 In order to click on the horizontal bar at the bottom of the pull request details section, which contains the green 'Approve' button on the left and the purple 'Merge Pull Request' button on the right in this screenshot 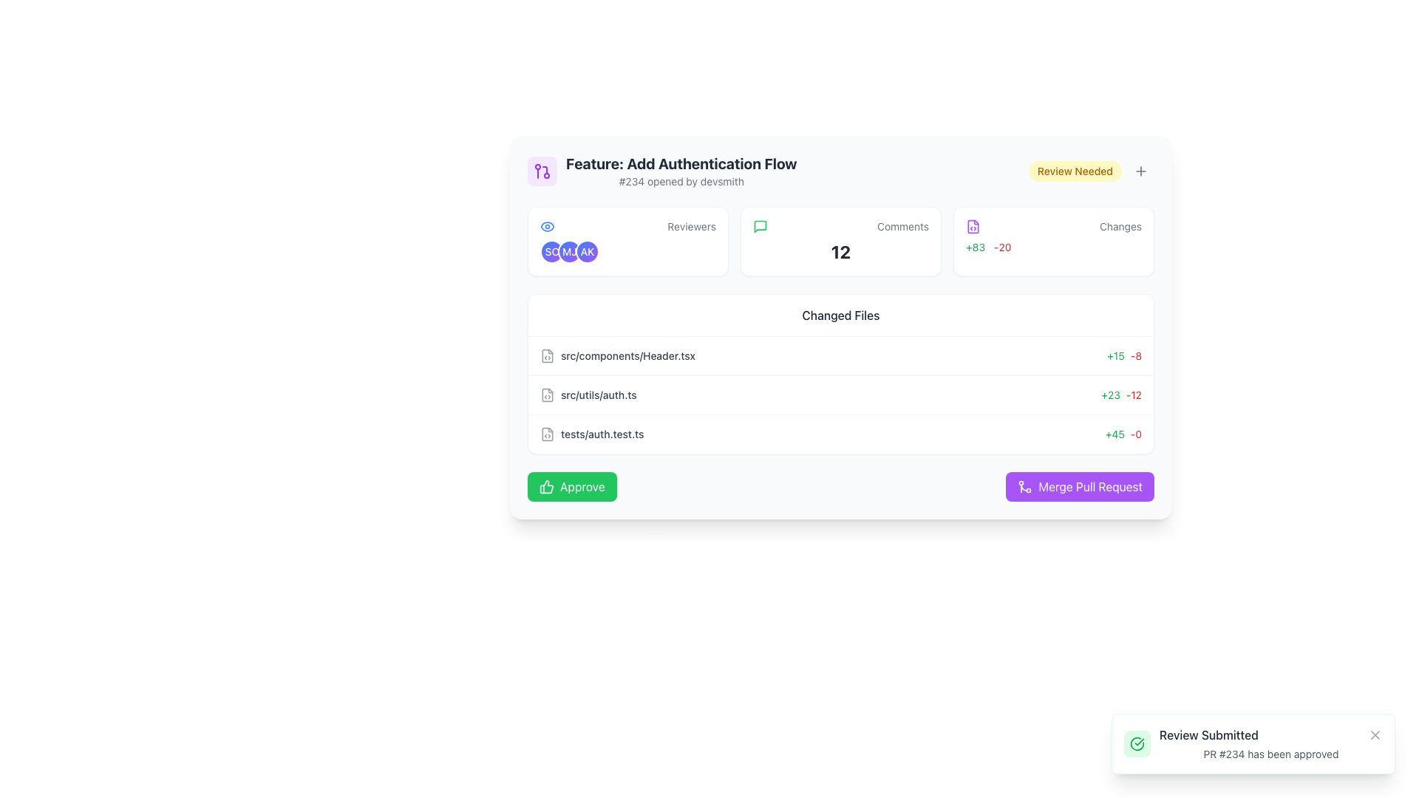, I will do `click(840, 487)`.